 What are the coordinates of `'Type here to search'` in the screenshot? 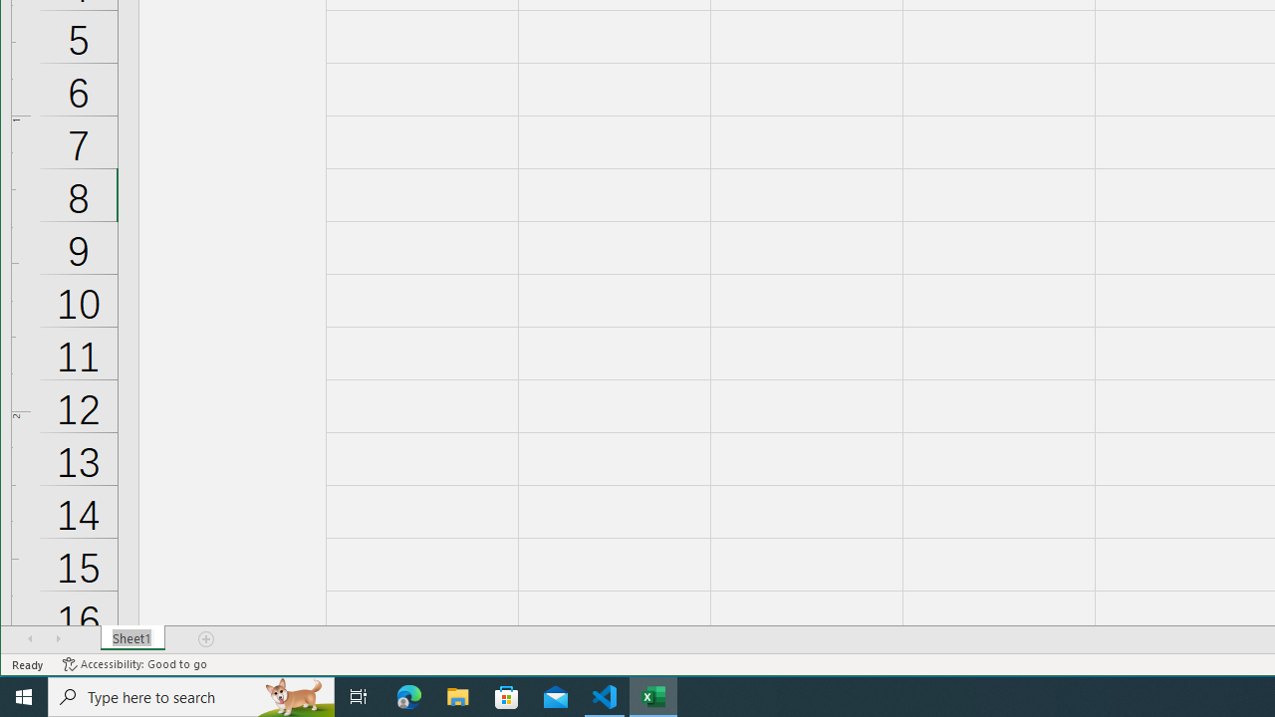 It's located at (191, 695).